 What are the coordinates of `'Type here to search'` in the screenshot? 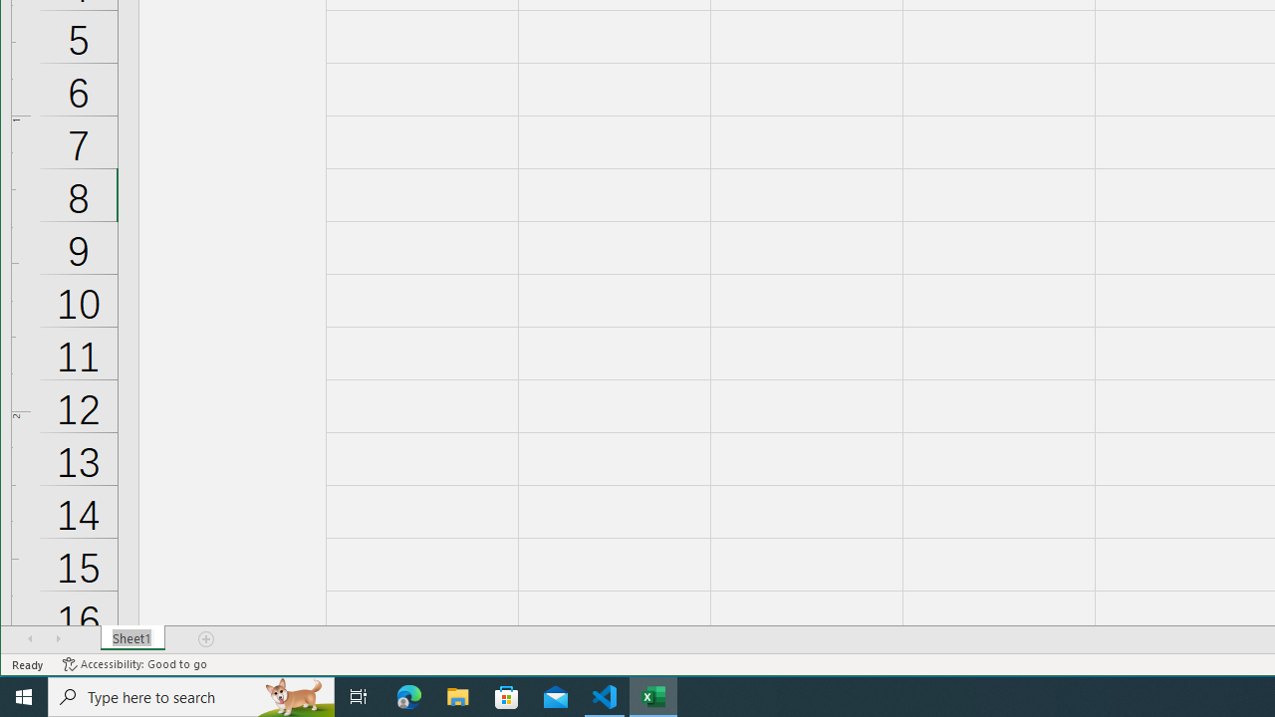 It's located at (191, 695).